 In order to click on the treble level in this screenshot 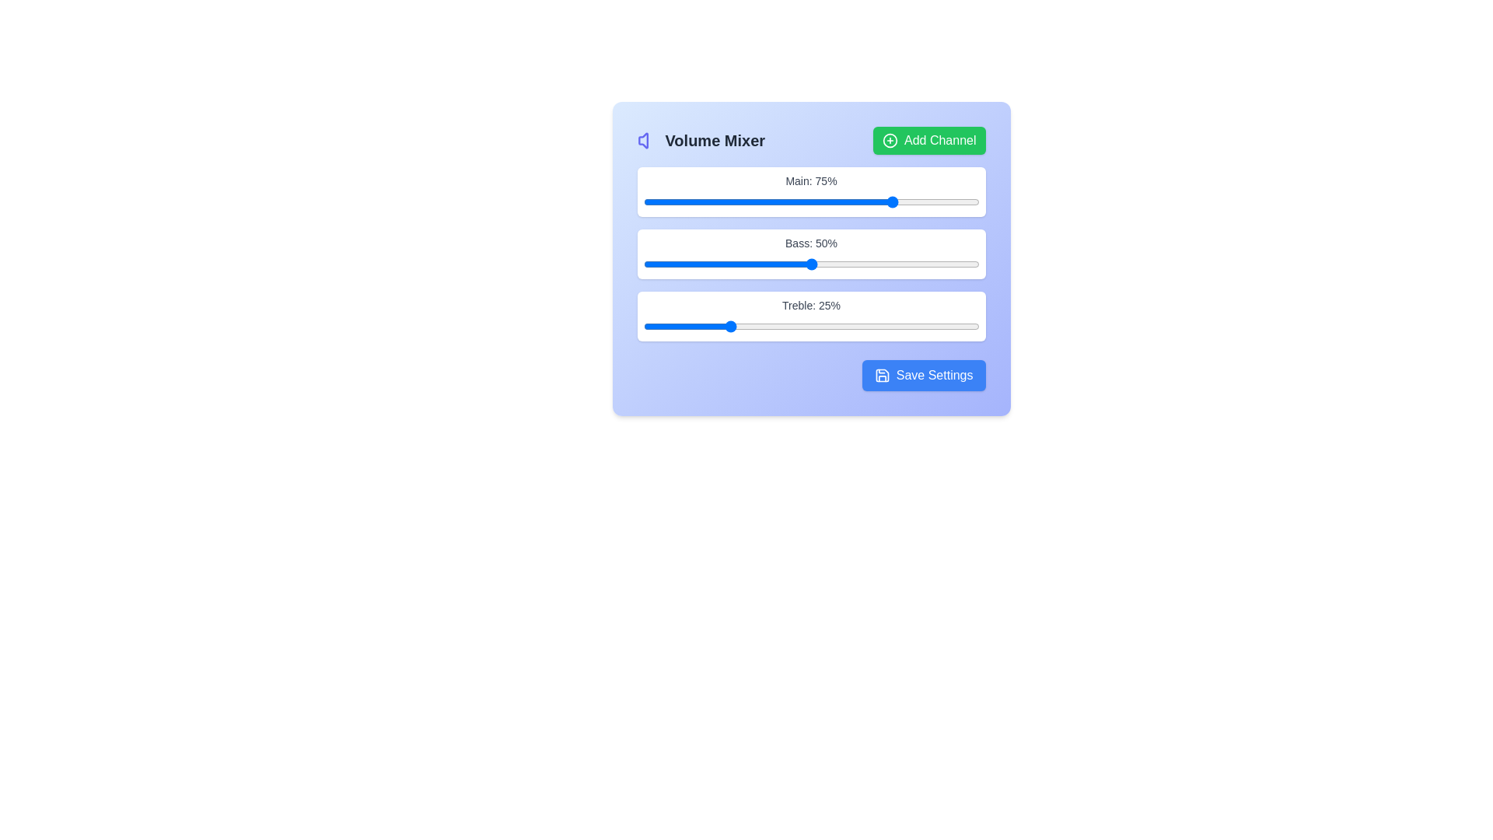, I will do `click(784, 326)`.